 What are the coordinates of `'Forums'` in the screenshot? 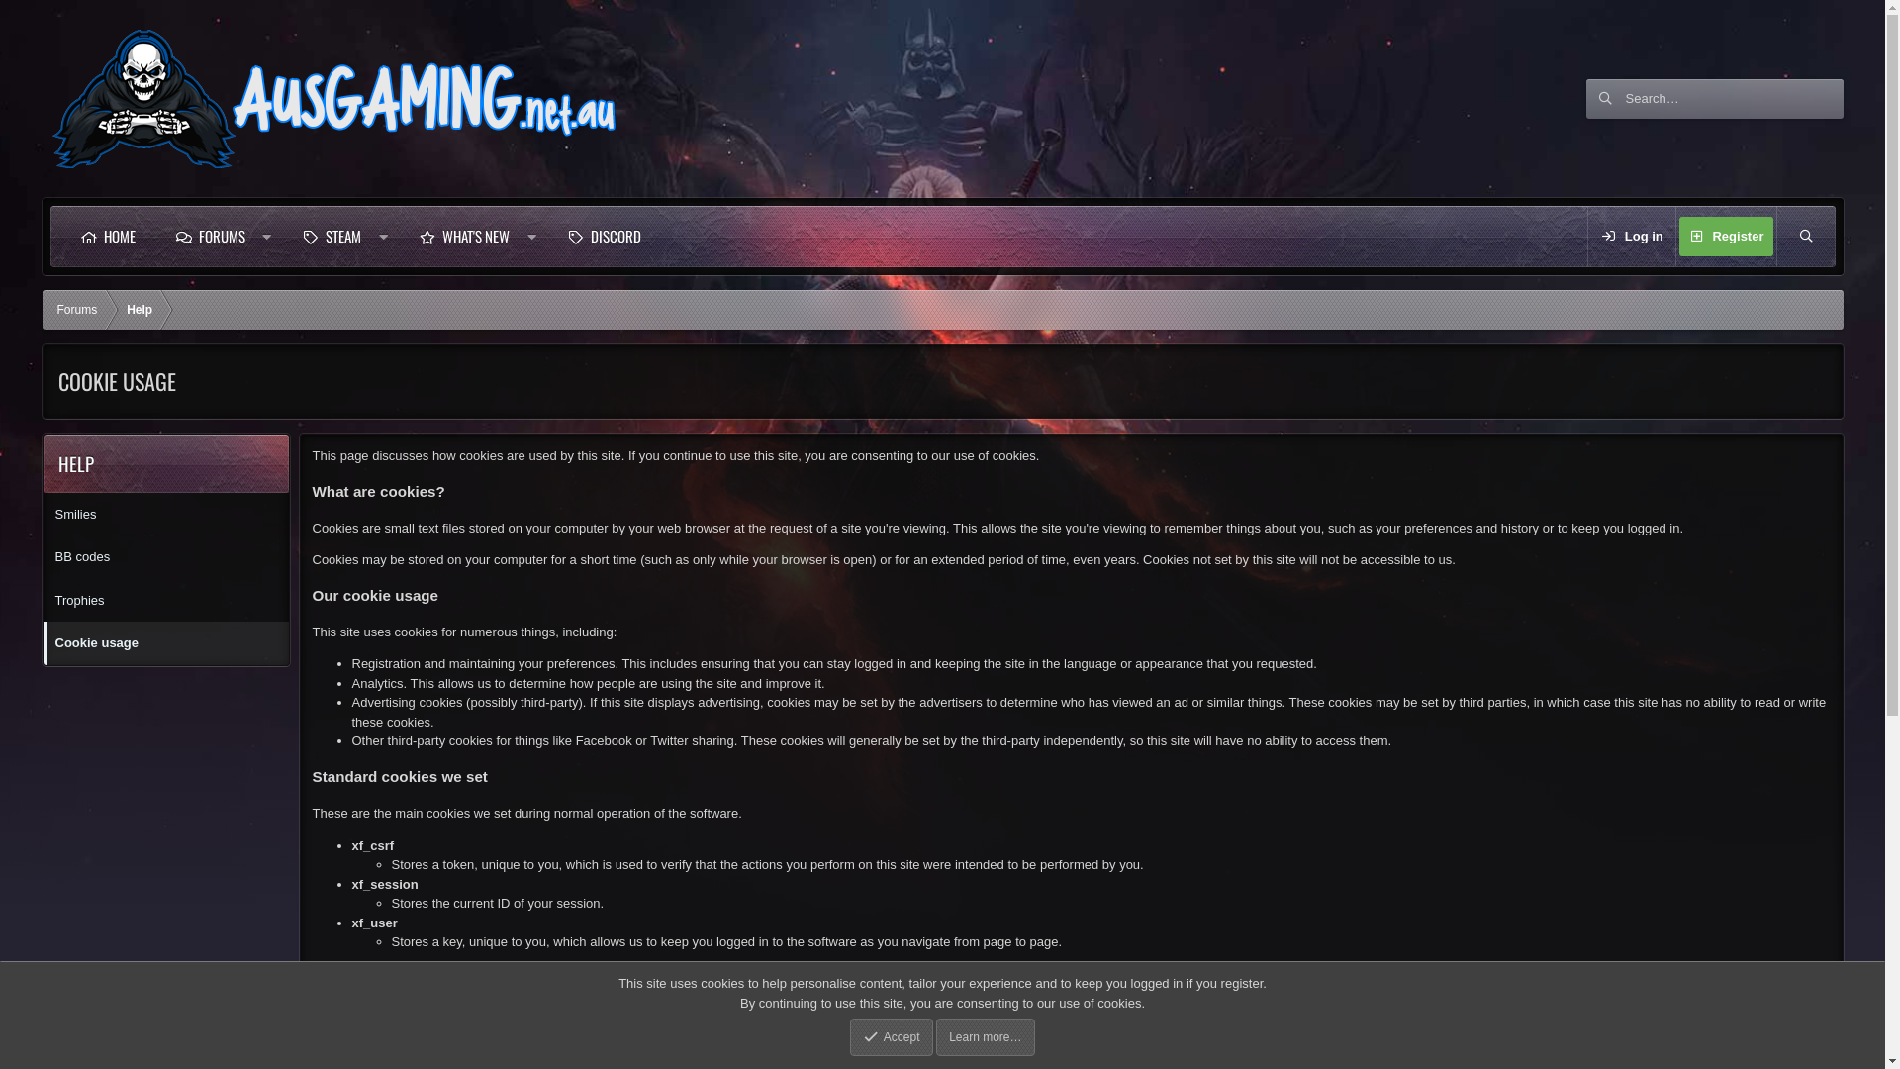 It's located at (42, 309).